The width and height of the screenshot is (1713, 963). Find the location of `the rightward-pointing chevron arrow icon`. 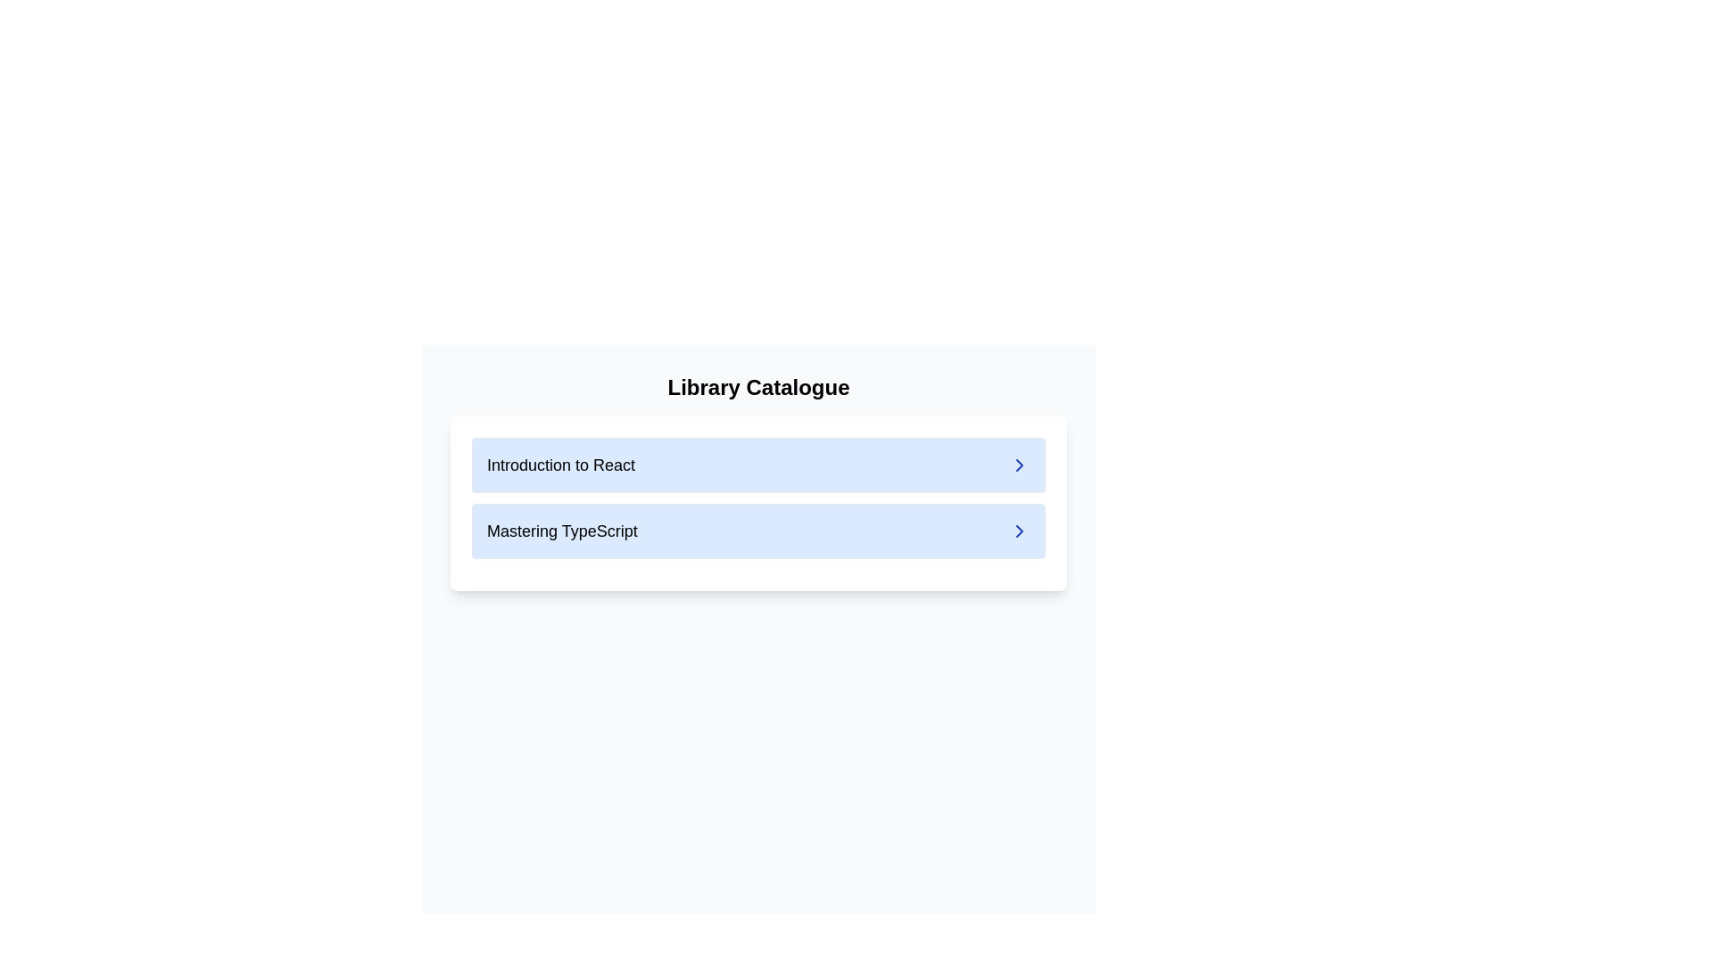

the rightward-pointing chevron arrow icon is located at coordinates (1019, 464).